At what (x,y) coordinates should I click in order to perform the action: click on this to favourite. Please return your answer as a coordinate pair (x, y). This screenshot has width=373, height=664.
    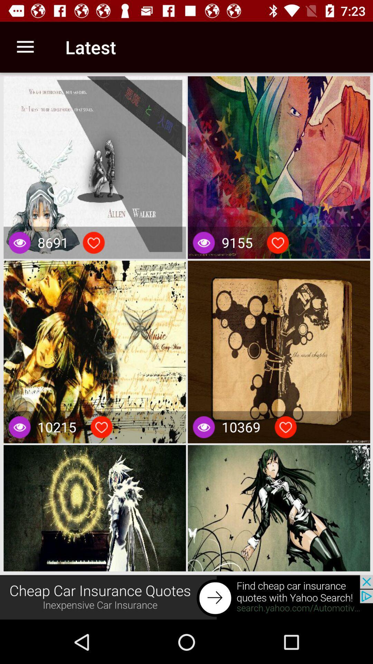
    Looking at the image, I should click on (94, 242).